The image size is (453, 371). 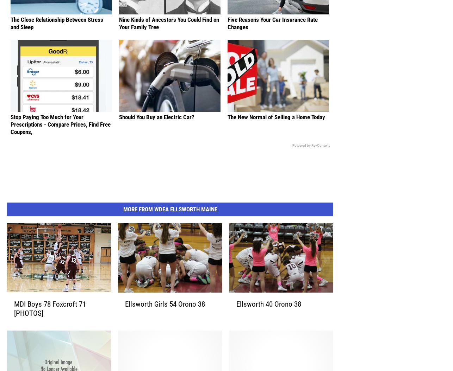 What do you see at coordinates (273, 34) in the screenshot?
I see `'Five Reasons Your Car Insurance Rate Changes'` at bounding box center [273, 34].